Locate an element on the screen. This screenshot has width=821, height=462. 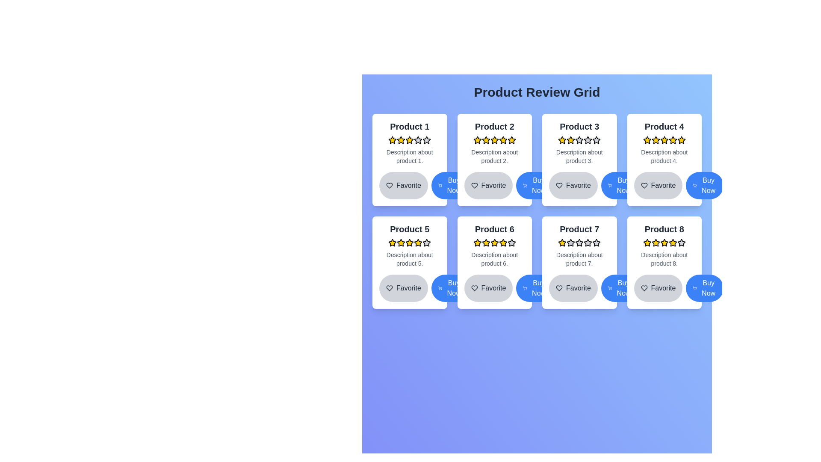
the icon that represents adding 'Product 7' to the shopping cart, located in the bottom-right of the 'Buy Now' button is located at coordinates (525, 288).